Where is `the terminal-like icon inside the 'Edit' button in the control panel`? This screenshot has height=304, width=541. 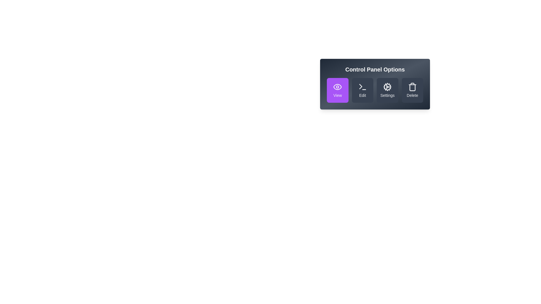
the terminal-like icon inside the 'Edit' button in the control panel is located at coordinates (362, 87).